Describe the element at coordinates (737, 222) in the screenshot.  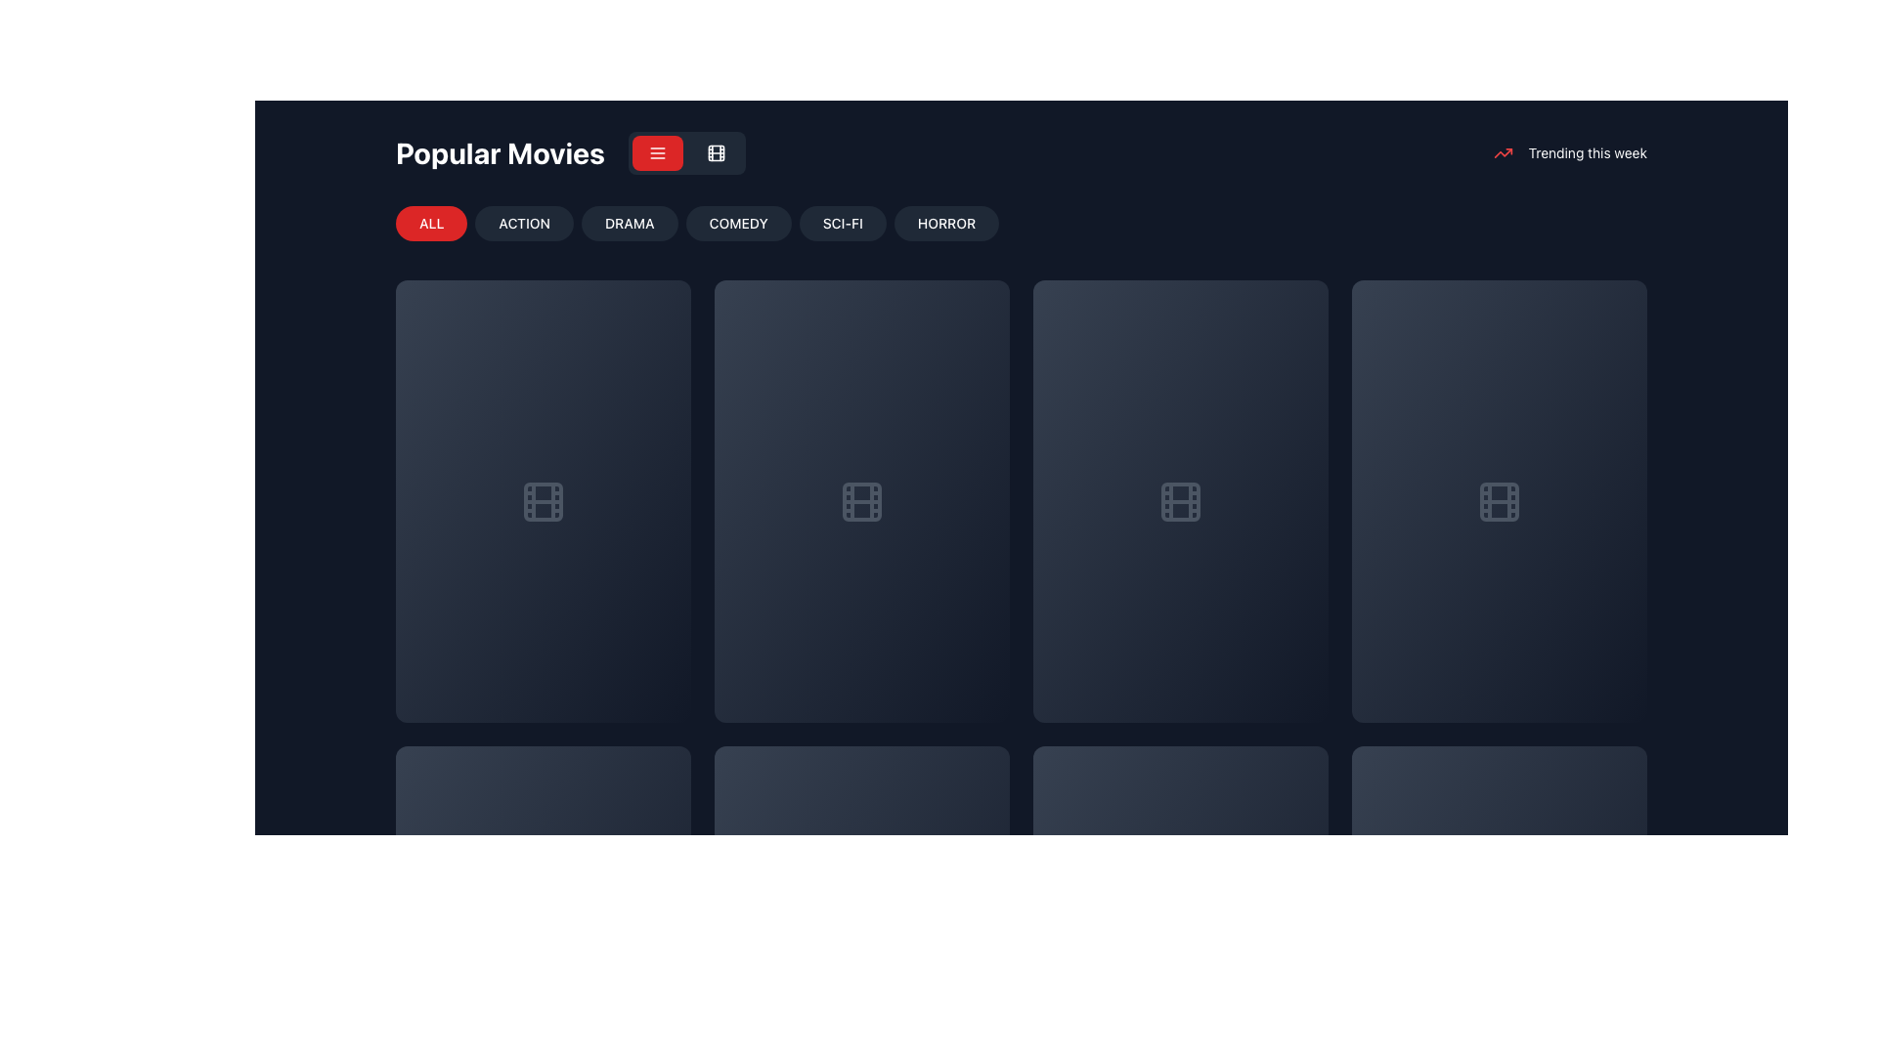
I see `the rectangular button labeled 'COMEDY' with a dark gray background and white text` at that location.